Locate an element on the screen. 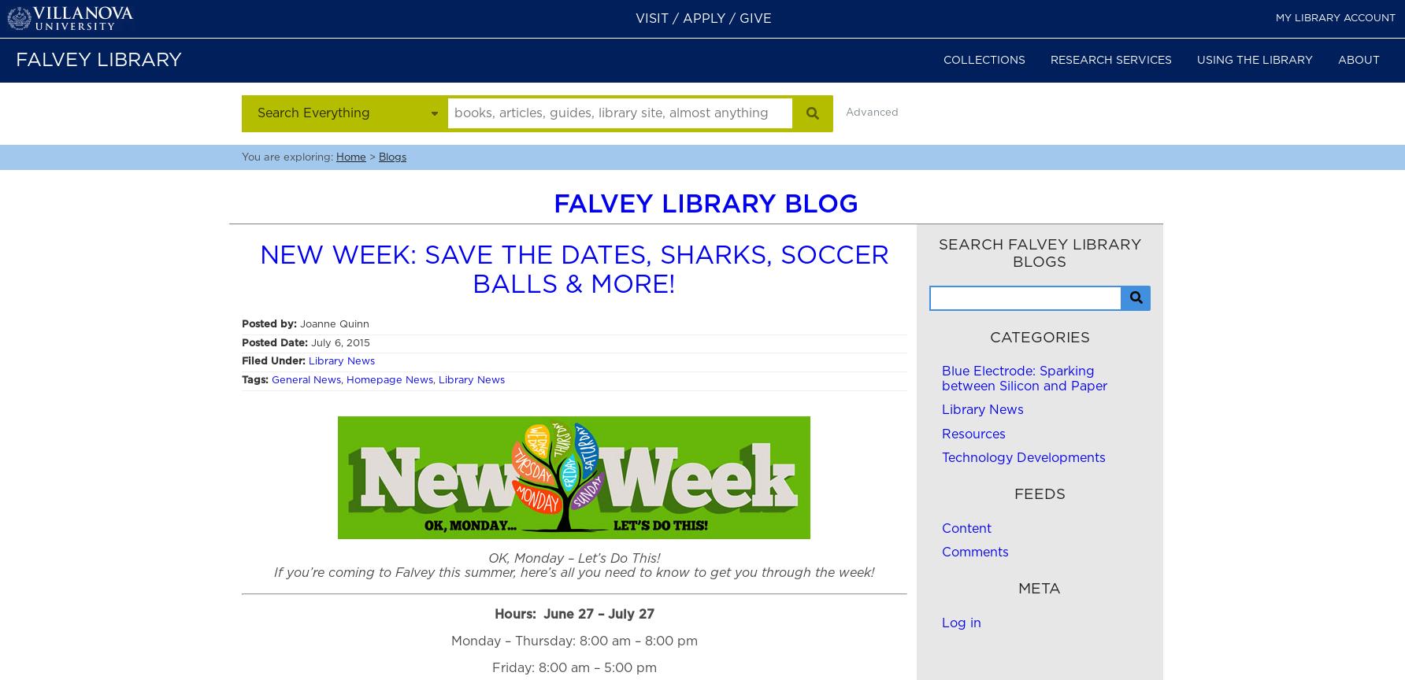  'If you’re coming to Falvey this summer, here’s all you need to know to get you through the week!' is located at coordinates (573, 573).